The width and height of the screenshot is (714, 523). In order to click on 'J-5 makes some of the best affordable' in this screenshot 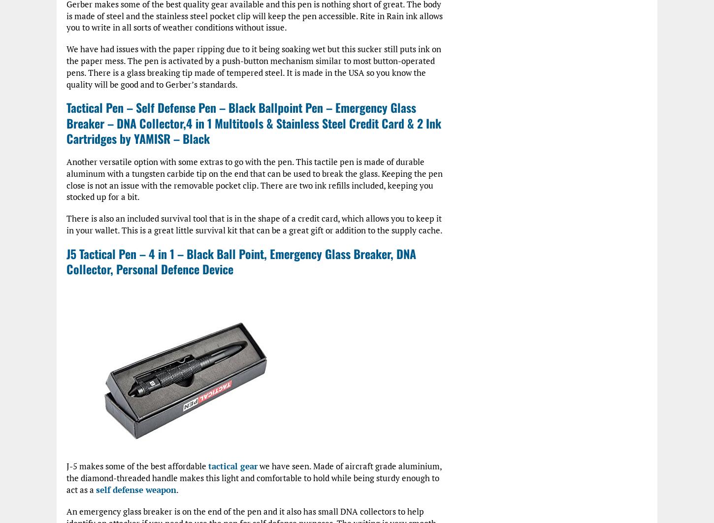, I will do `click(137, 465)`.